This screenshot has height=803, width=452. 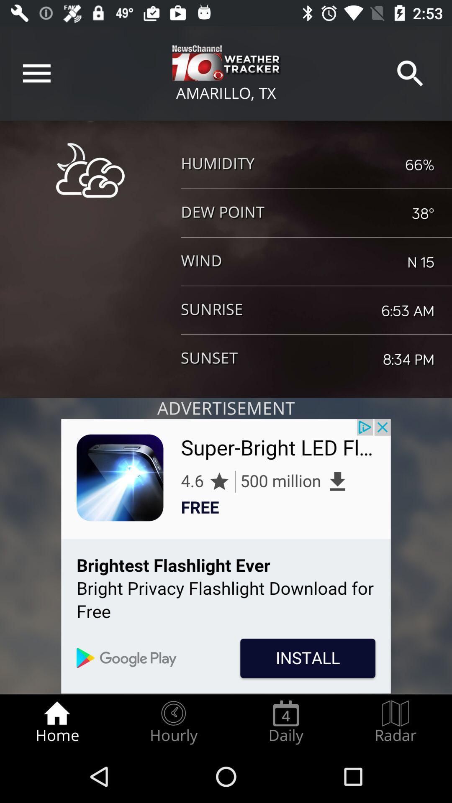 I want to click on item to the right of hourly, so click(x=285, y=722).